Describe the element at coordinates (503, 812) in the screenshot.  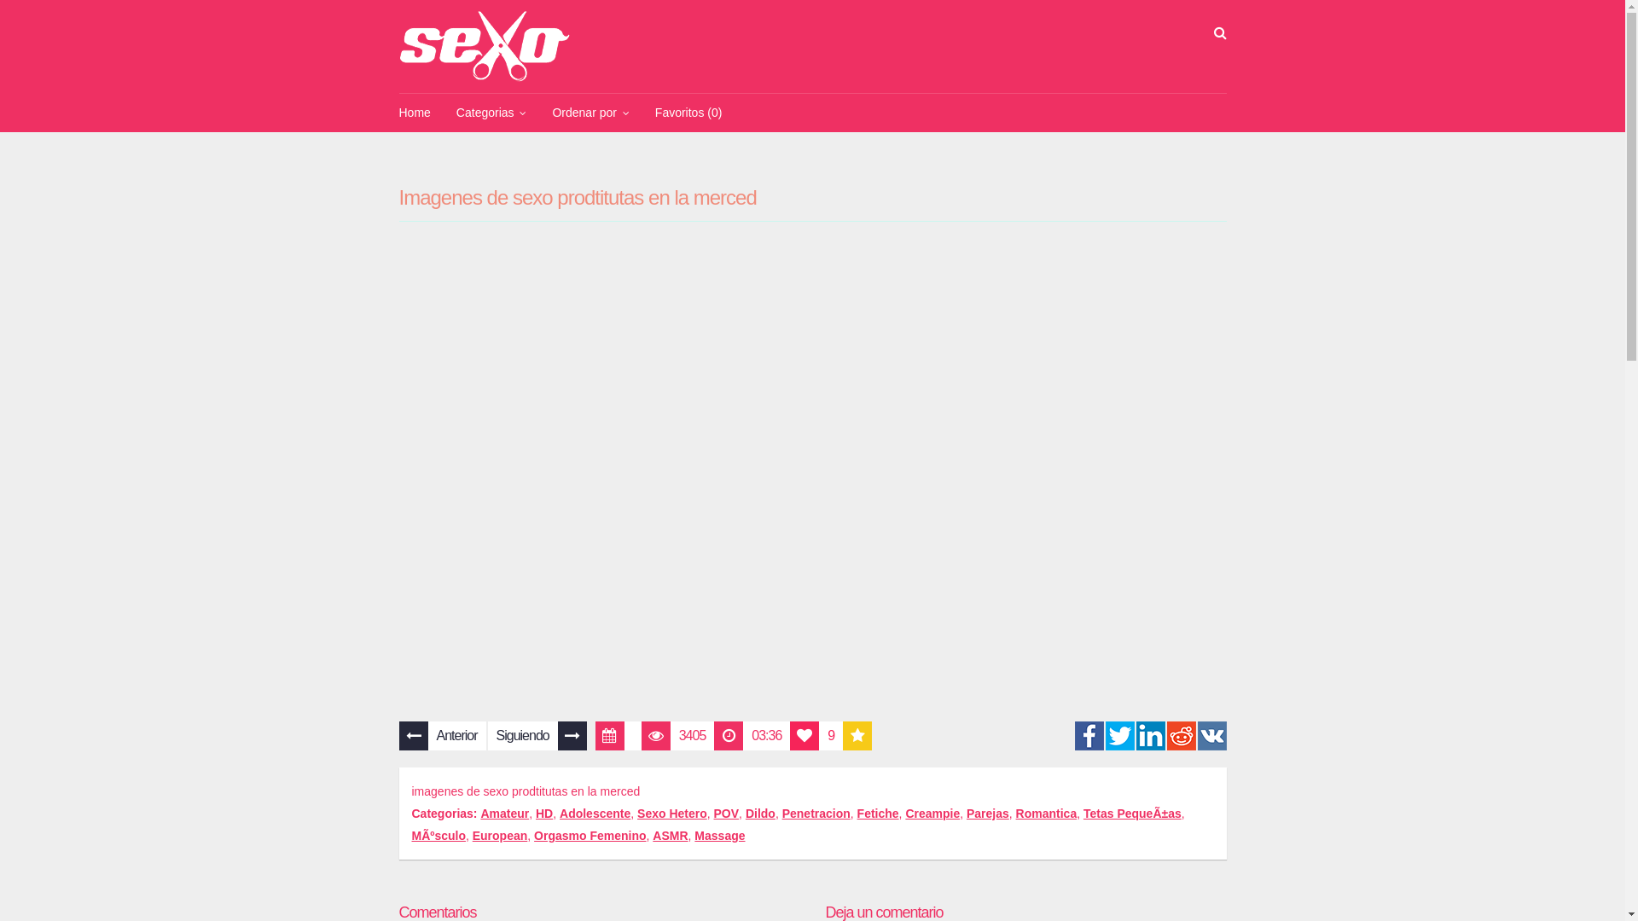
I see `'Amateur'` at that location.